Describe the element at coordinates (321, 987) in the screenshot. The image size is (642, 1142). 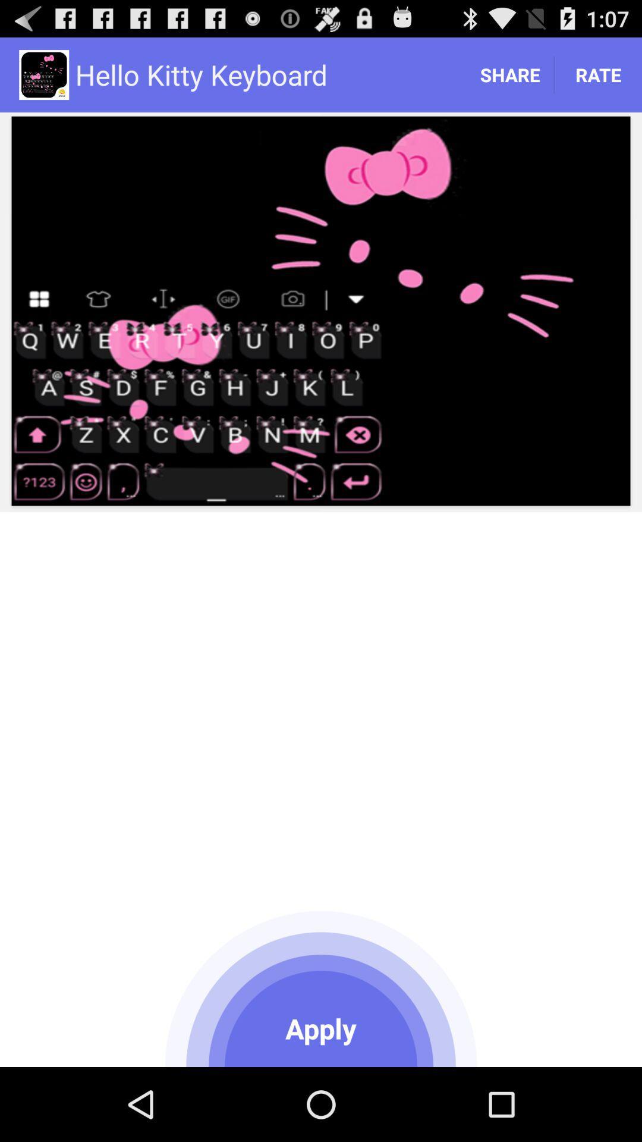
I see `apply here` at that location.